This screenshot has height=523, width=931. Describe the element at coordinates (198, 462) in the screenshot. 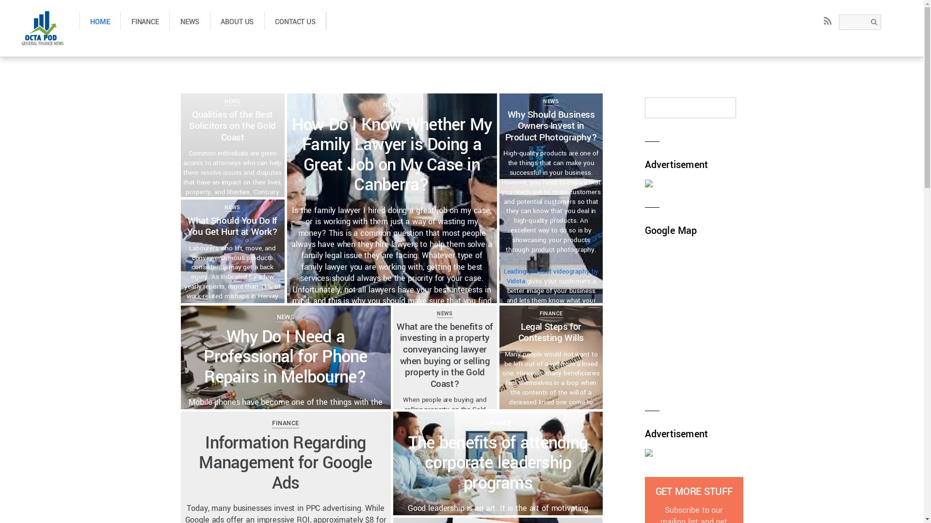

I see `'Information Regarding Management for Google Ads'` at that location.